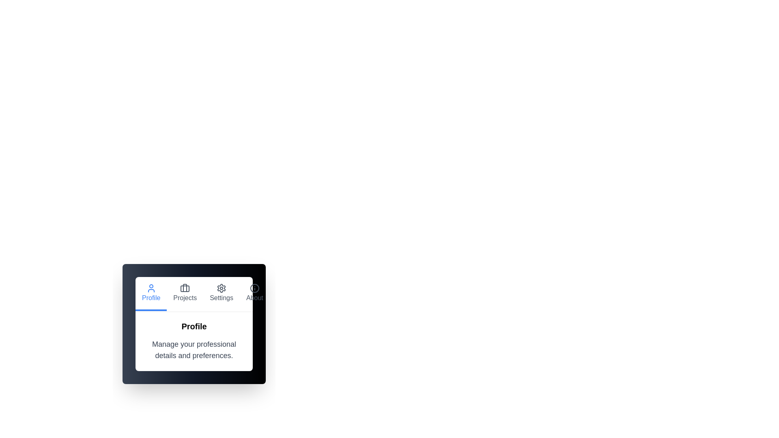  I want to click on the Settings tab to navigate to its corresponding content, so click(222, 294).